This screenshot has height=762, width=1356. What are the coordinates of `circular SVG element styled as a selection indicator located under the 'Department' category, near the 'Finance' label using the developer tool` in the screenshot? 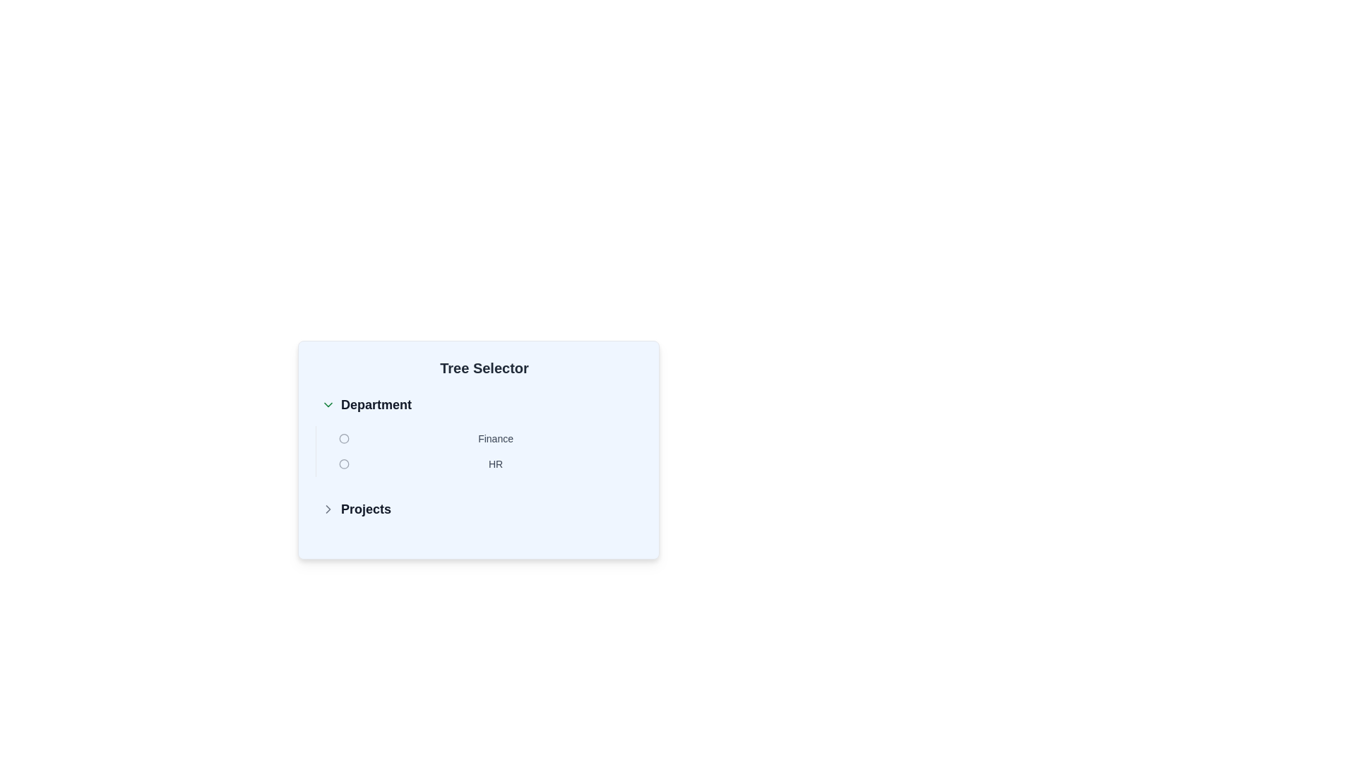 It's located at (344, 437).